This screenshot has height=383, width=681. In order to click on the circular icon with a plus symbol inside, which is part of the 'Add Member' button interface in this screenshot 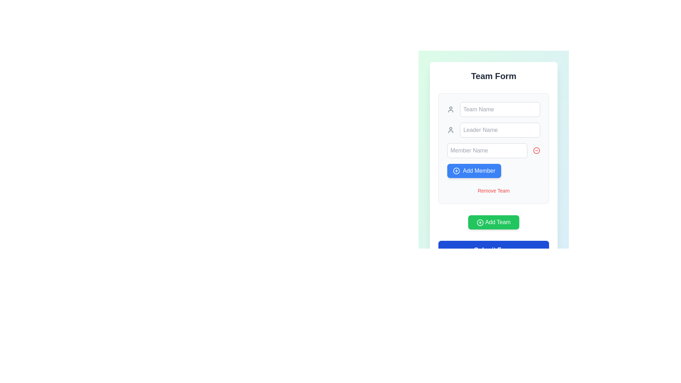, I will do `click(456, 171)`.